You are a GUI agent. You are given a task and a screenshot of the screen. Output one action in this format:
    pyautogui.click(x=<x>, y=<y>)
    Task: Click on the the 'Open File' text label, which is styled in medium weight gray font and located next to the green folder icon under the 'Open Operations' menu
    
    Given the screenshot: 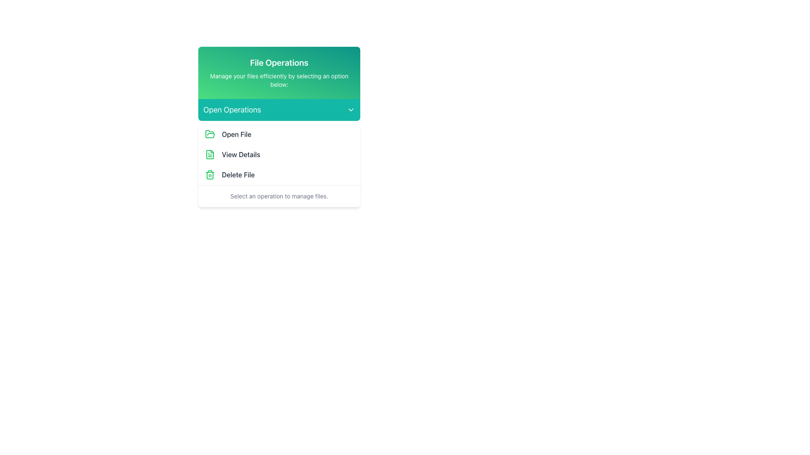 What is the action you would take?
    pyautogui.click(x=236, y=134)
    